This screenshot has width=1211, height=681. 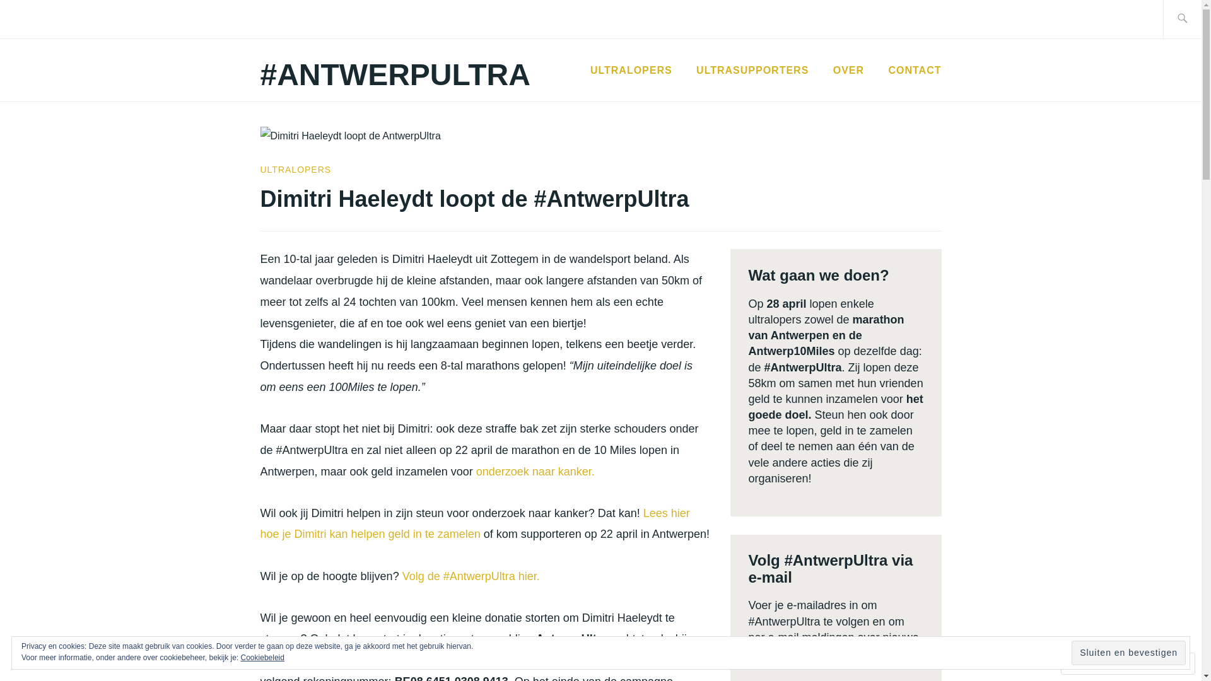 What do you see at coordinates (1128, 653) in the screenshot?
I see `'Sluiten en bevestigen'` at bounding box center [1128, 653].